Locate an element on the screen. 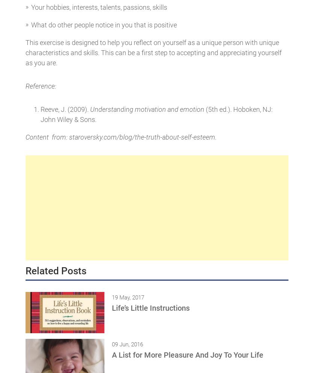 This screenshot has height=373, width=314. '09 Jun, 2016' is located at coordinates (127, 344).